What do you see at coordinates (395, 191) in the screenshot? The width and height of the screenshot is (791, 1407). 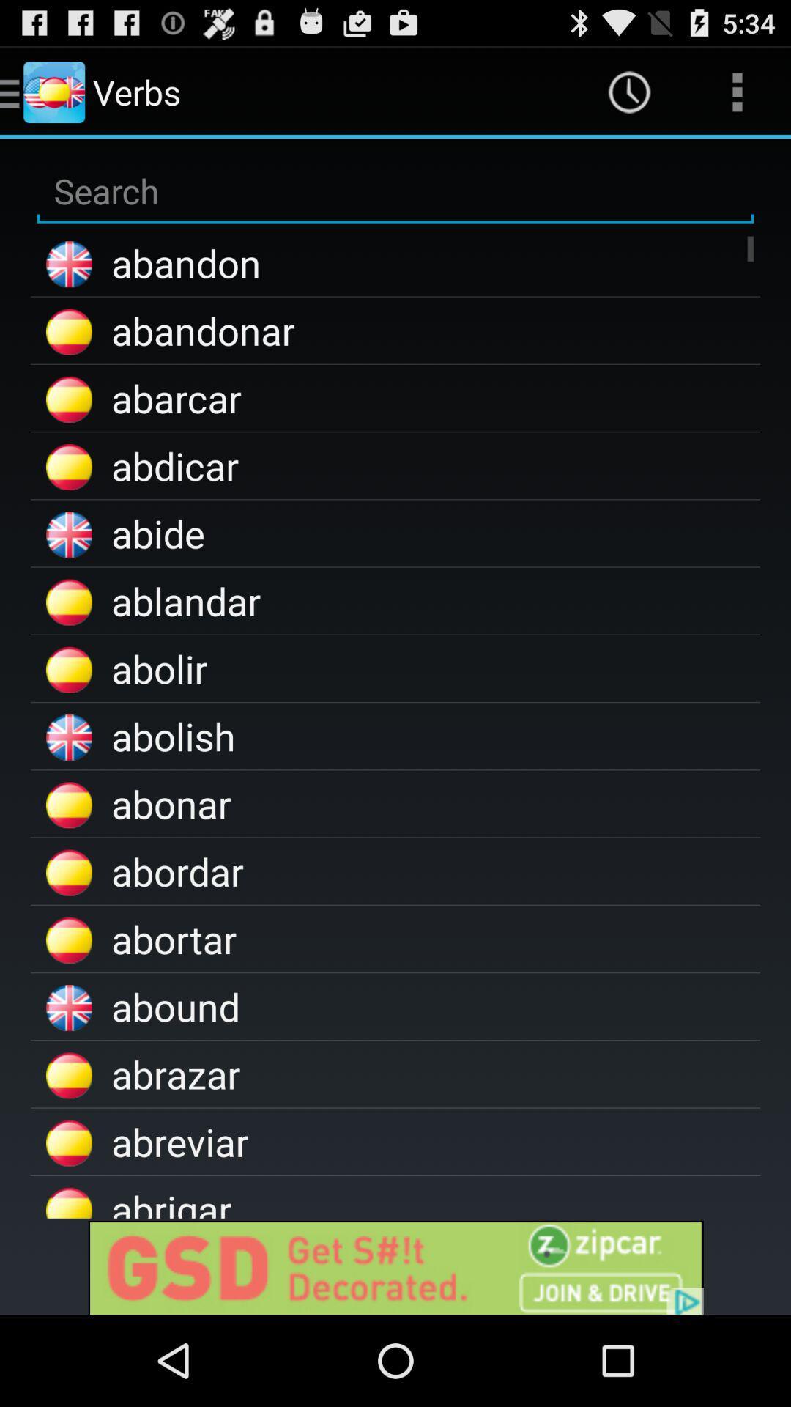 I see `search for something` at bounding box center [395, 191].